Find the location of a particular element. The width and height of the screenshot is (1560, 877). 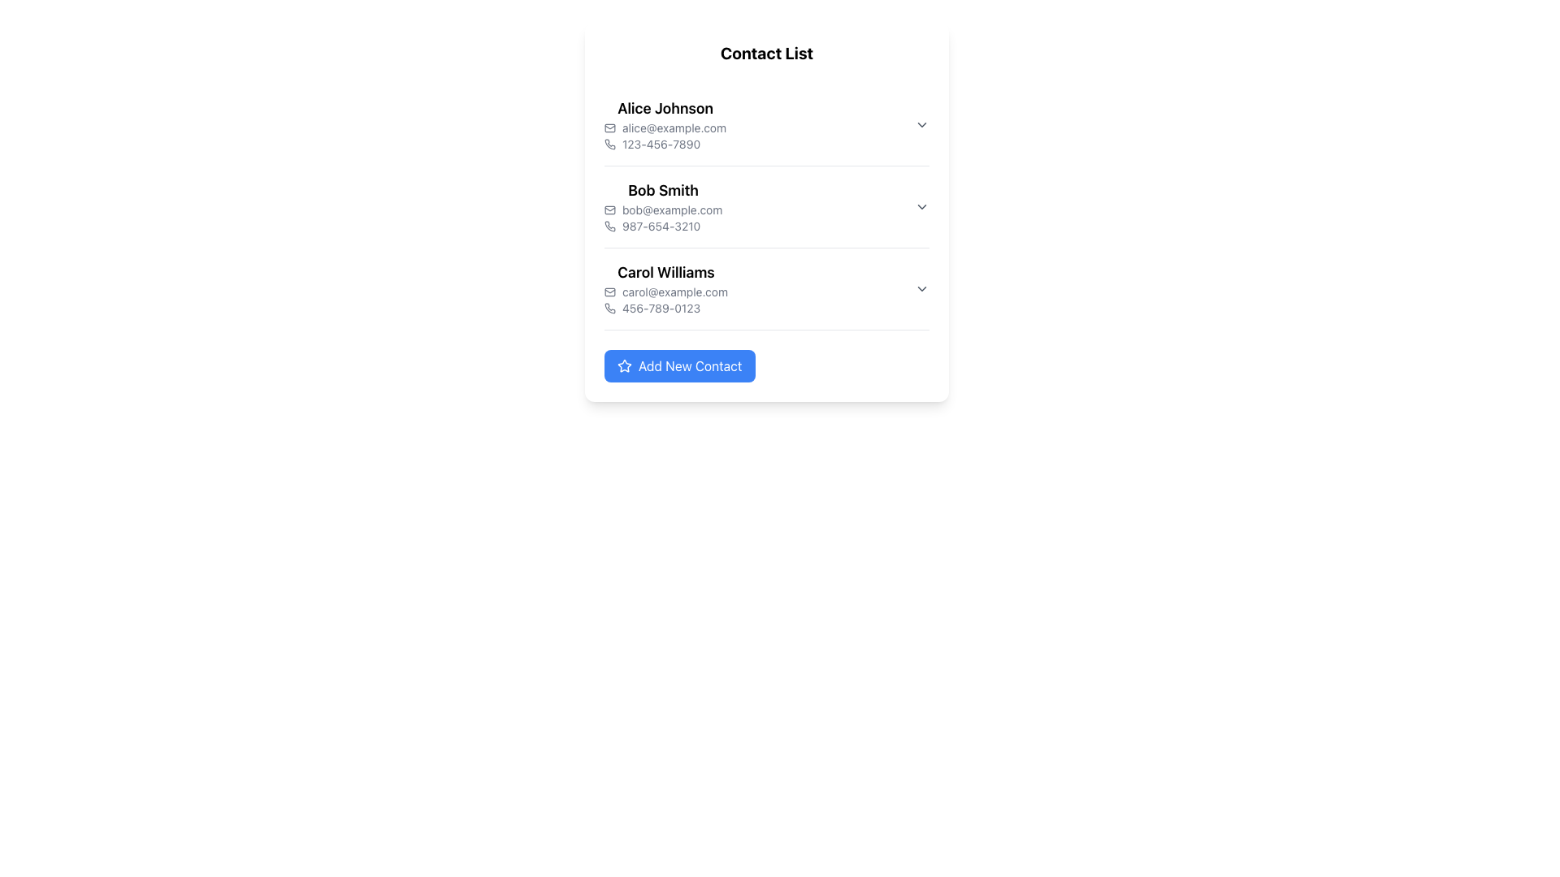

the small phone icon located to the left of the phone number '456-789-0123' in the contact list entry for 'Carol Williams' is located at coordinates (609, 309).